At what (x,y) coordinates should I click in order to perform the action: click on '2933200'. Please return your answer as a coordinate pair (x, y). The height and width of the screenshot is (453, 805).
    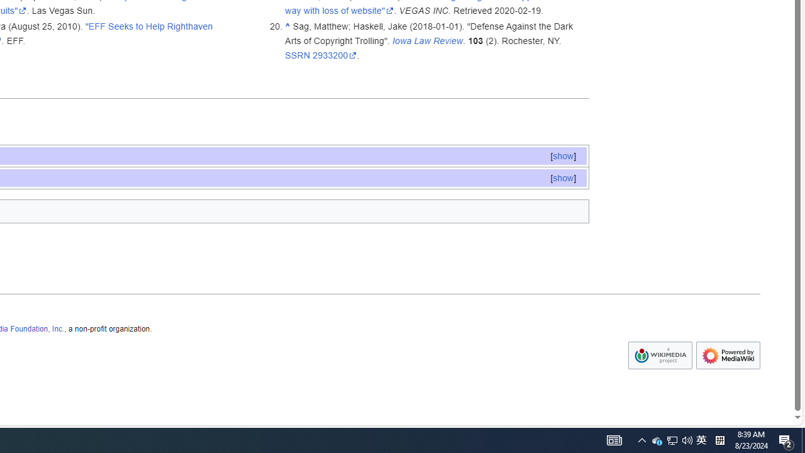
    Looking at the image, I should click on (335, 54).